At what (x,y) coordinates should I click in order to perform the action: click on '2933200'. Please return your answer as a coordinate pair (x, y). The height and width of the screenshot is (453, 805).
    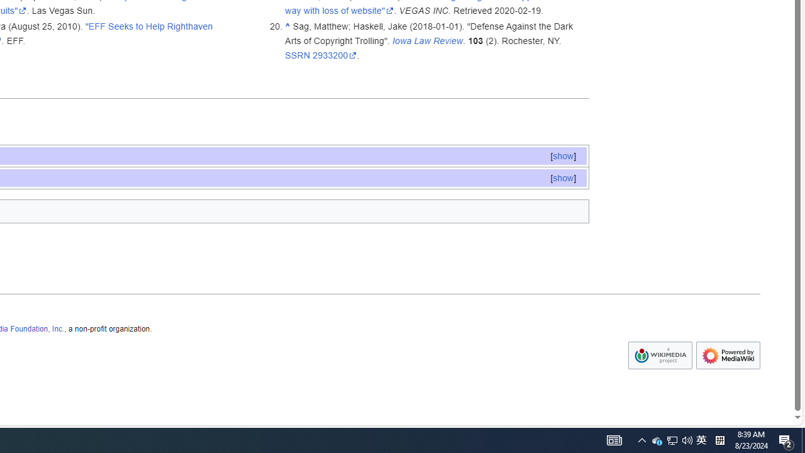
    Looking at the image, I should click on (335, 54).